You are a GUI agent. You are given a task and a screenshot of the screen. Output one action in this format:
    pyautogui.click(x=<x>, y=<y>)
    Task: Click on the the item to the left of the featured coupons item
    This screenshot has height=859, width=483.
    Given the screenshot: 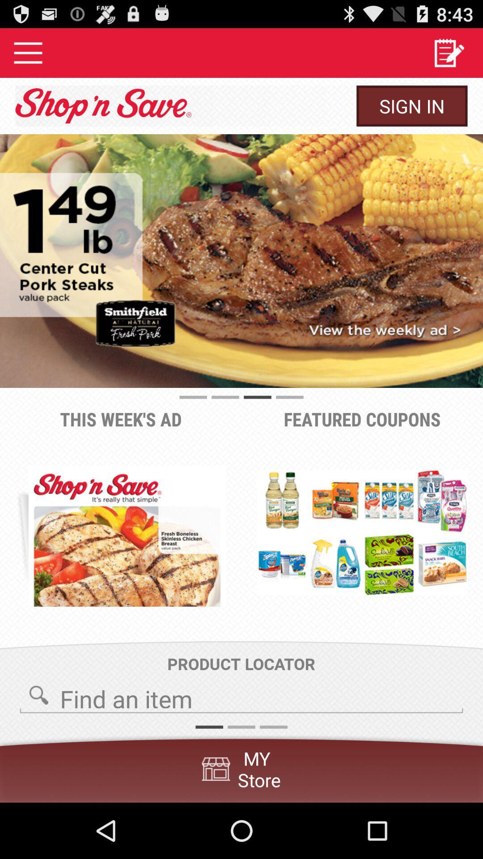 What is the action you would take?
    pyautogui.click(x=127, y=536)
    